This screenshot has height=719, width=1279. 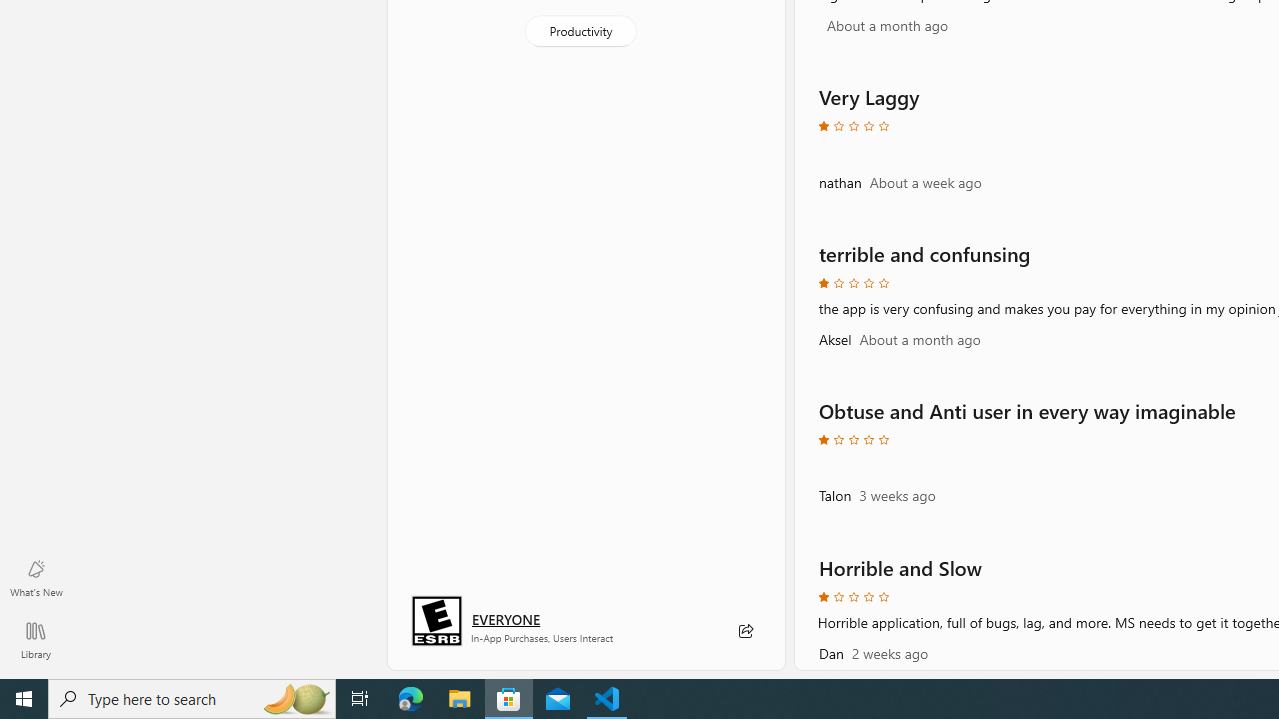 What do you see at coordinates (35, 639) in the screenshot?
I see `'Library'` at bounding box center [35, 639].